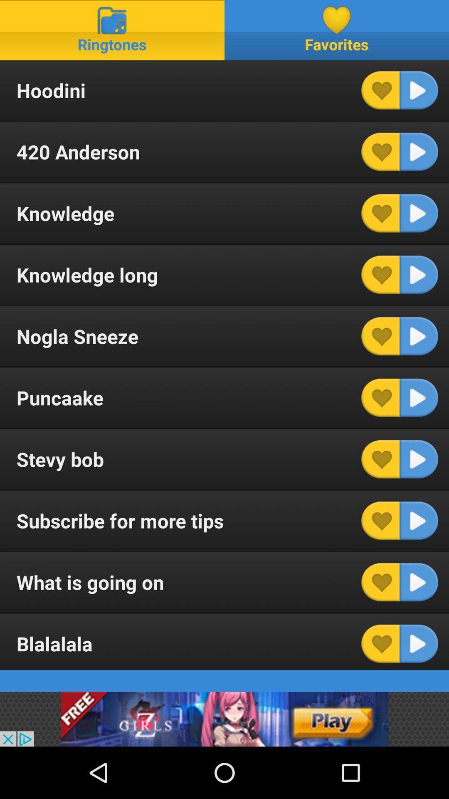 This screenshot has height=799, width=449. I want to click on ringtone, so click(419, 397).